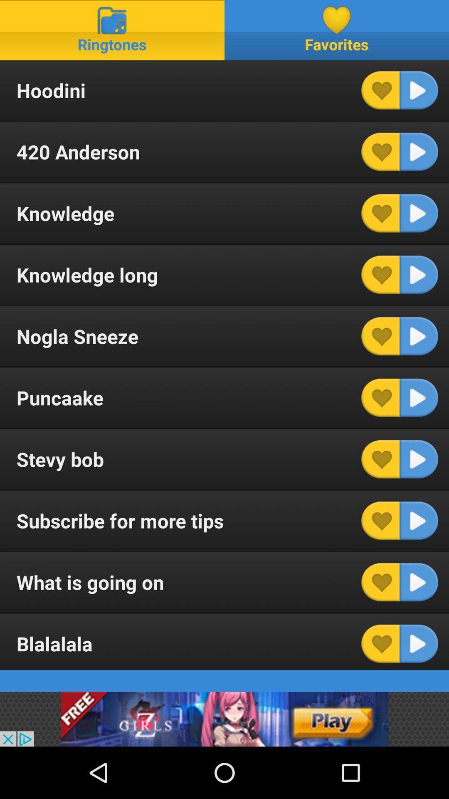 This screenshot has height=799, width=449. I want to click on ringtone, so click(419, 397).